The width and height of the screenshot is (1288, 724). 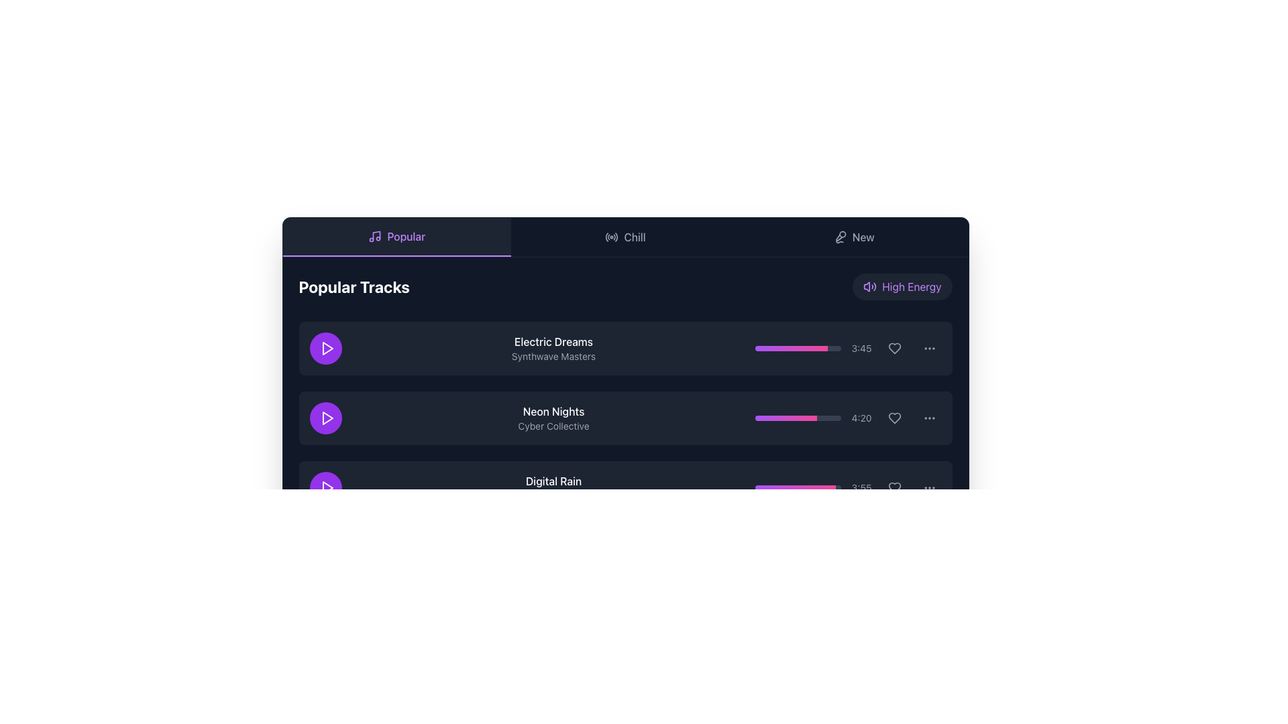 I want to click on the third track entry in the 'Popular Tracks' list, which includes the play button and controls for the song 'Digital Rain' by The Algorithm, so click(x=625, y=488).